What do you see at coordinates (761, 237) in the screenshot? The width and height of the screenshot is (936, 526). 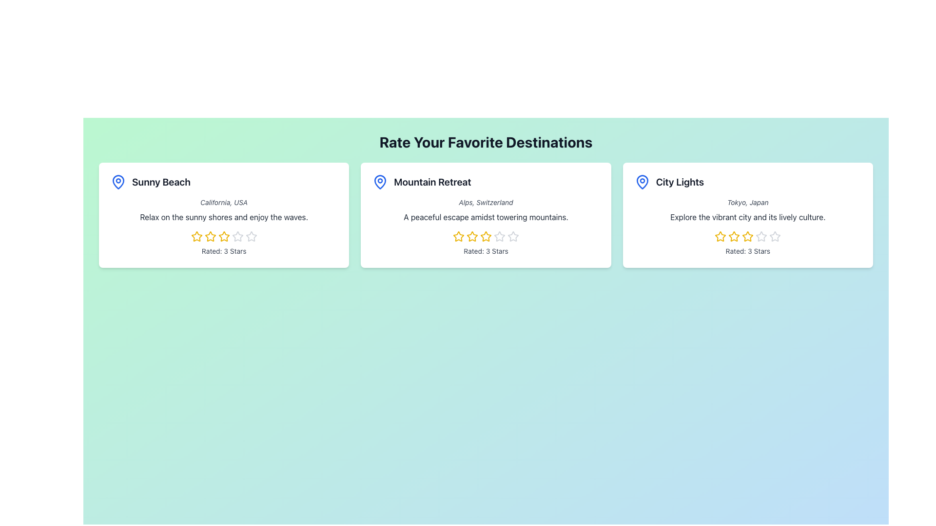 I see `the fourth star in the star rating icon beneath the 'City Lights' card to rate it` at bounding box center [761, 237].